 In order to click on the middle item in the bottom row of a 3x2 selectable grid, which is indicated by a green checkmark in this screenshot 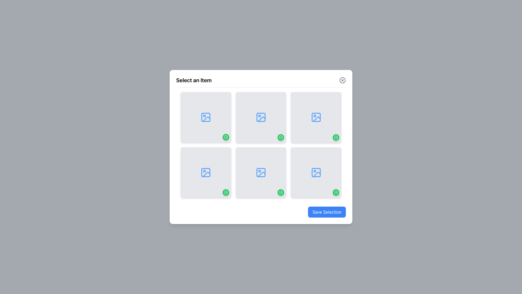, I will do `click(261, 172)`.